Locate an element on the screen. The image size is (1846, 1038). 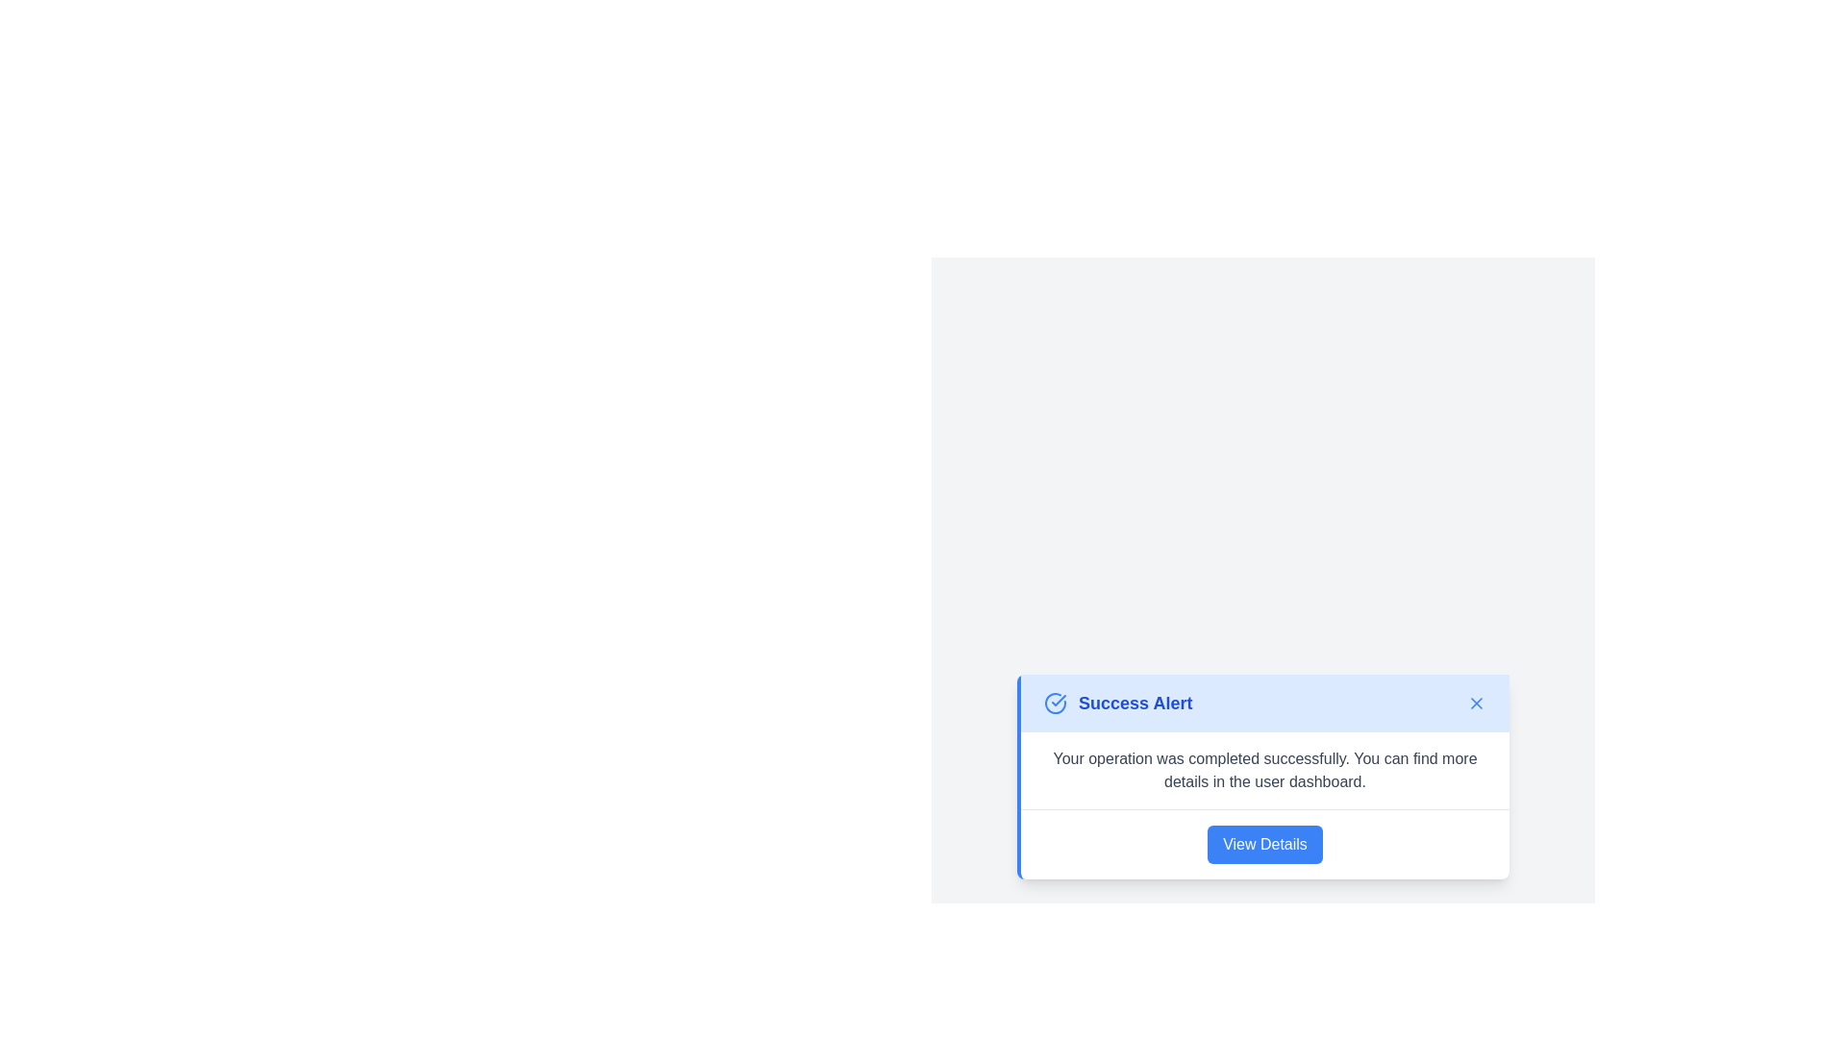
the Label with Icon that displays a status message indicating a successful action, located within a notification-style box, adjacent to a circular checkmark icon and before the close button is located at coordinates (1118, 703).